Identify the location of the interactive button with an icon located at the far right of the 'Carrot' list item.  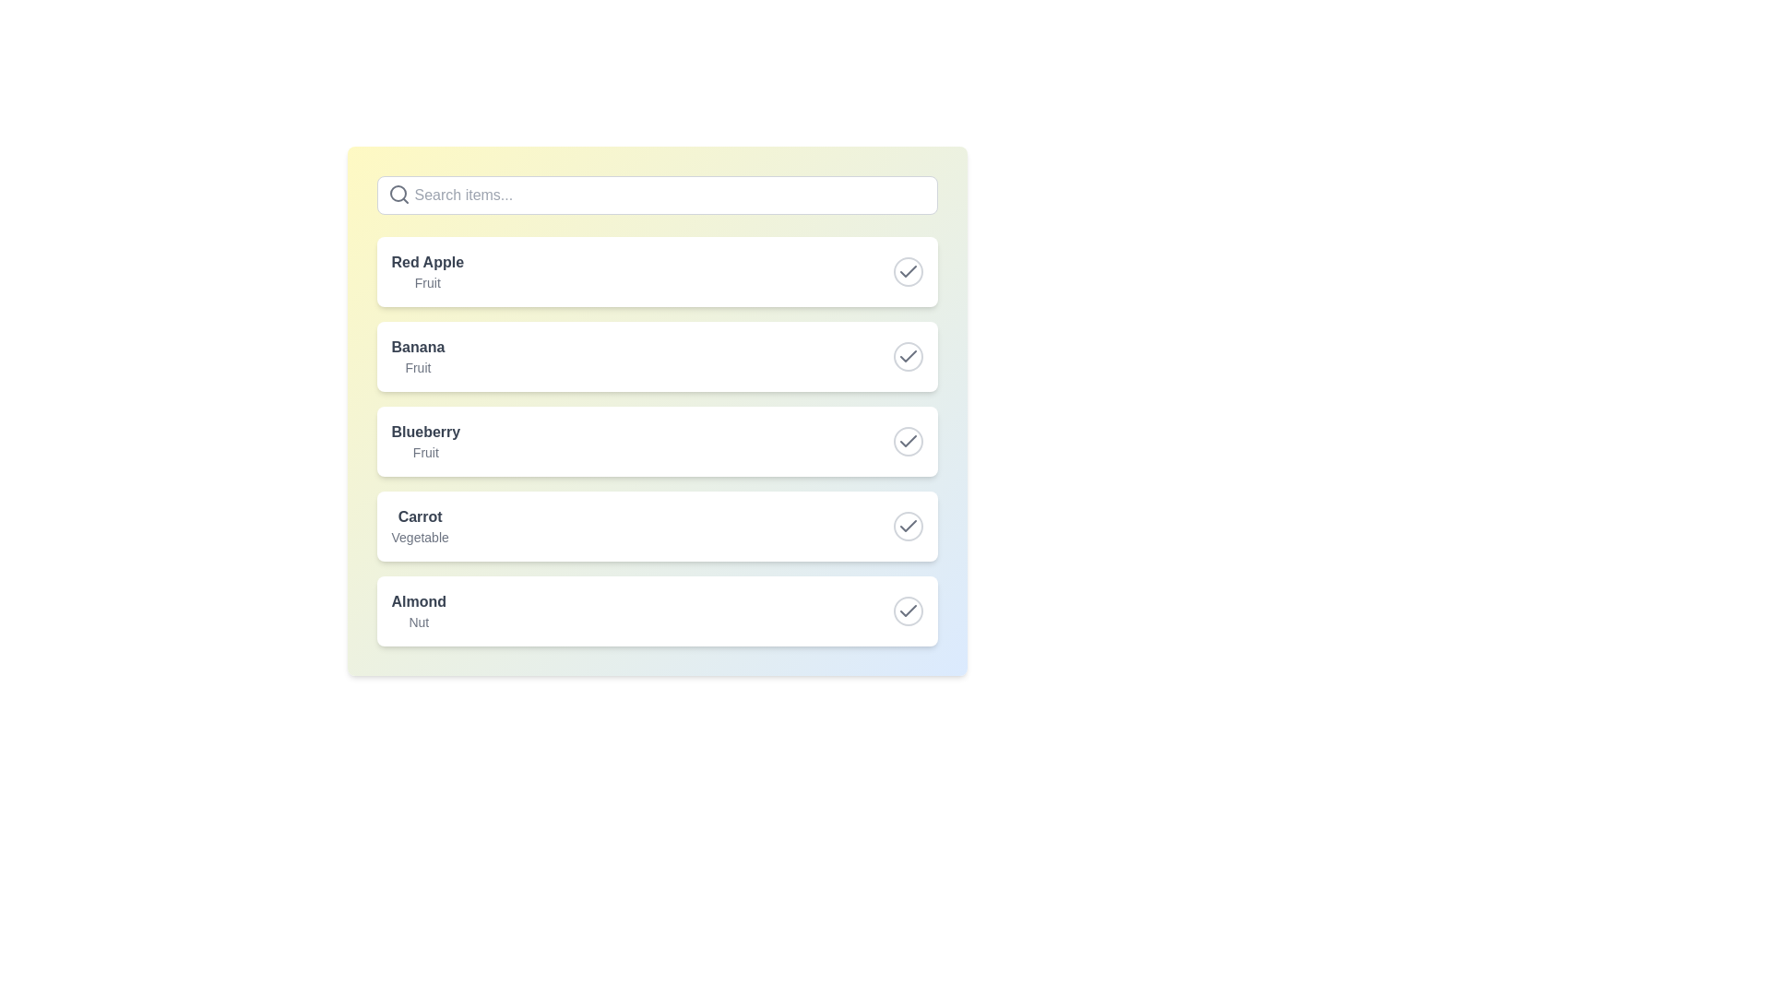
(908, 526).